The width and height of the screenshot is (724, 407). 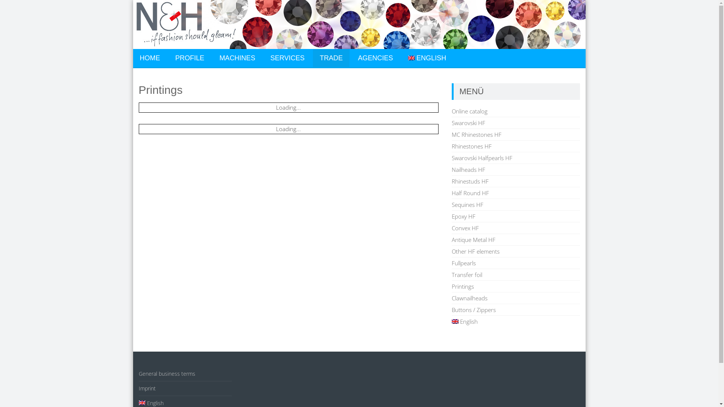 I want to click on 'English', so click(x=151, y=402).